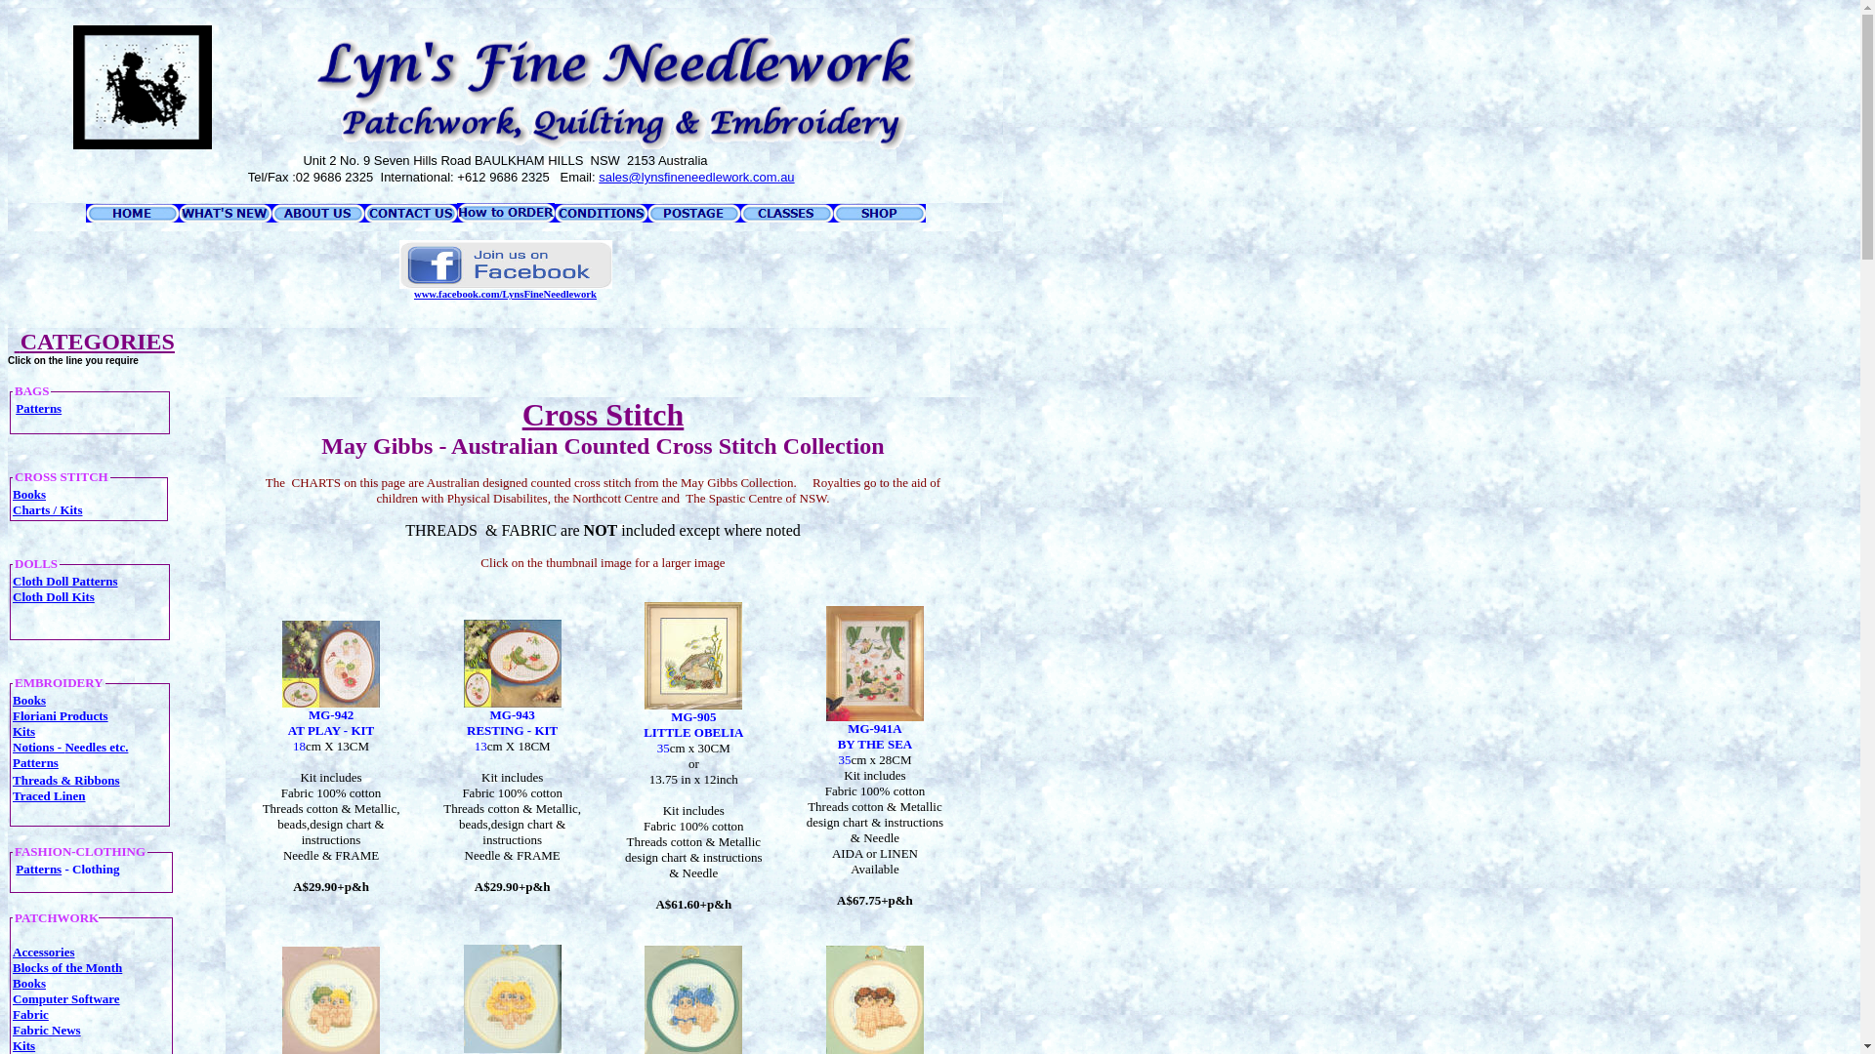 This screenshot has height=1054, width=1875. I want to click on 'Needles etc.', so click(95, 747).